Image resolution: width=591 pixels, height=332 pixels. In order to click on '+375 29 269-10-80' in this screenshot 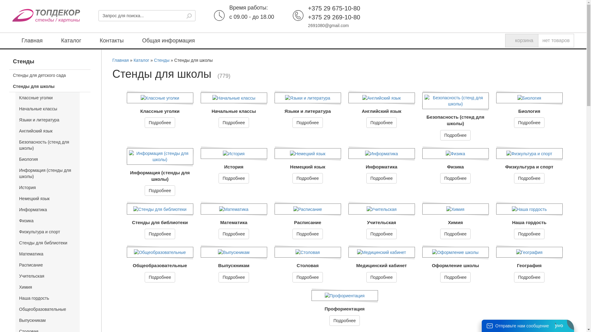, I will do `click(308, 17)`.